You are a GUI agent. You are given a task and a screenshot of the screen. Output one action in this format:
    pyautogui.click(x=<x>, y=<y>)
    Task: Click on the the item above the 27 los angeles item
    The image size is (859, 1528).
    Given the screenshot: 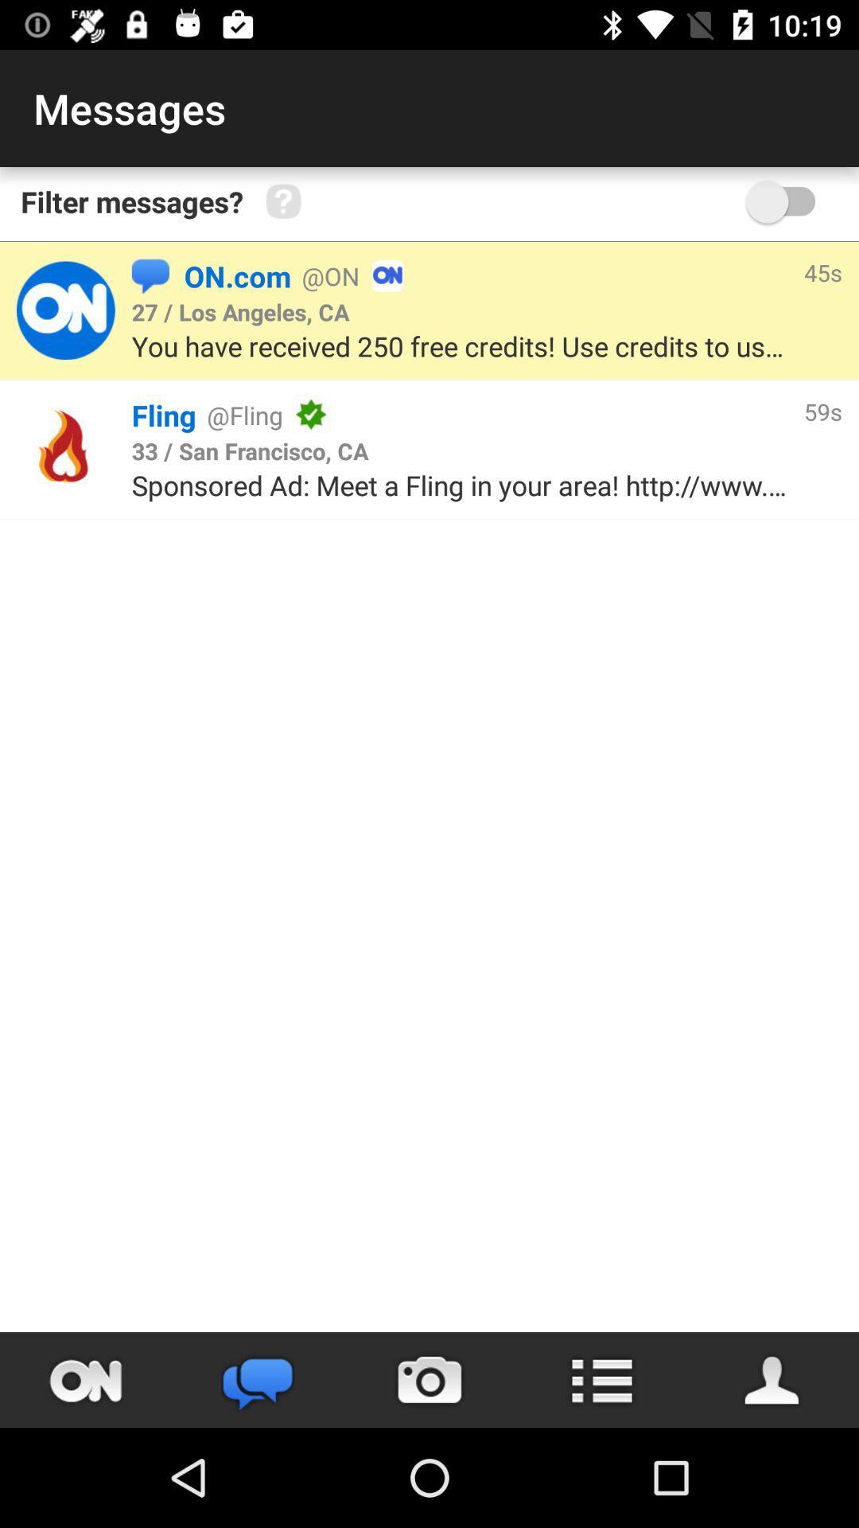 What is the action you would take?
    pyautogui.click(x=150, y=275)
    